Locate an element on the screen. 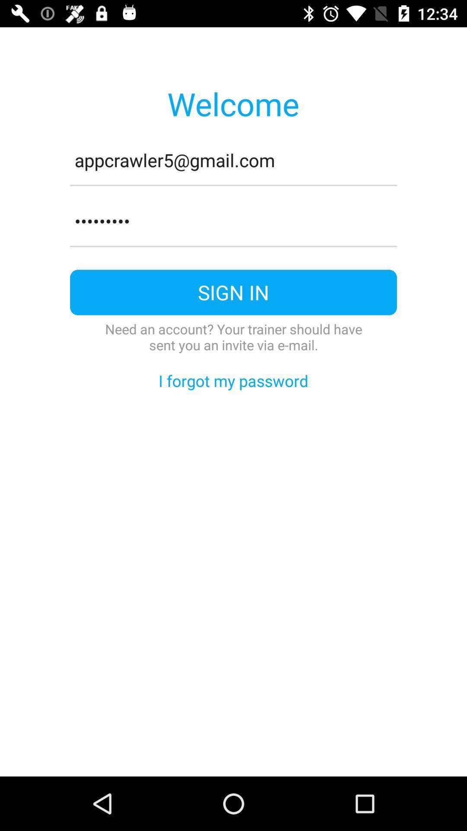 Image resolution: width=467 pixels, height=831 pixels. the icon below the need an account icon is located at coordinates (233, 380).